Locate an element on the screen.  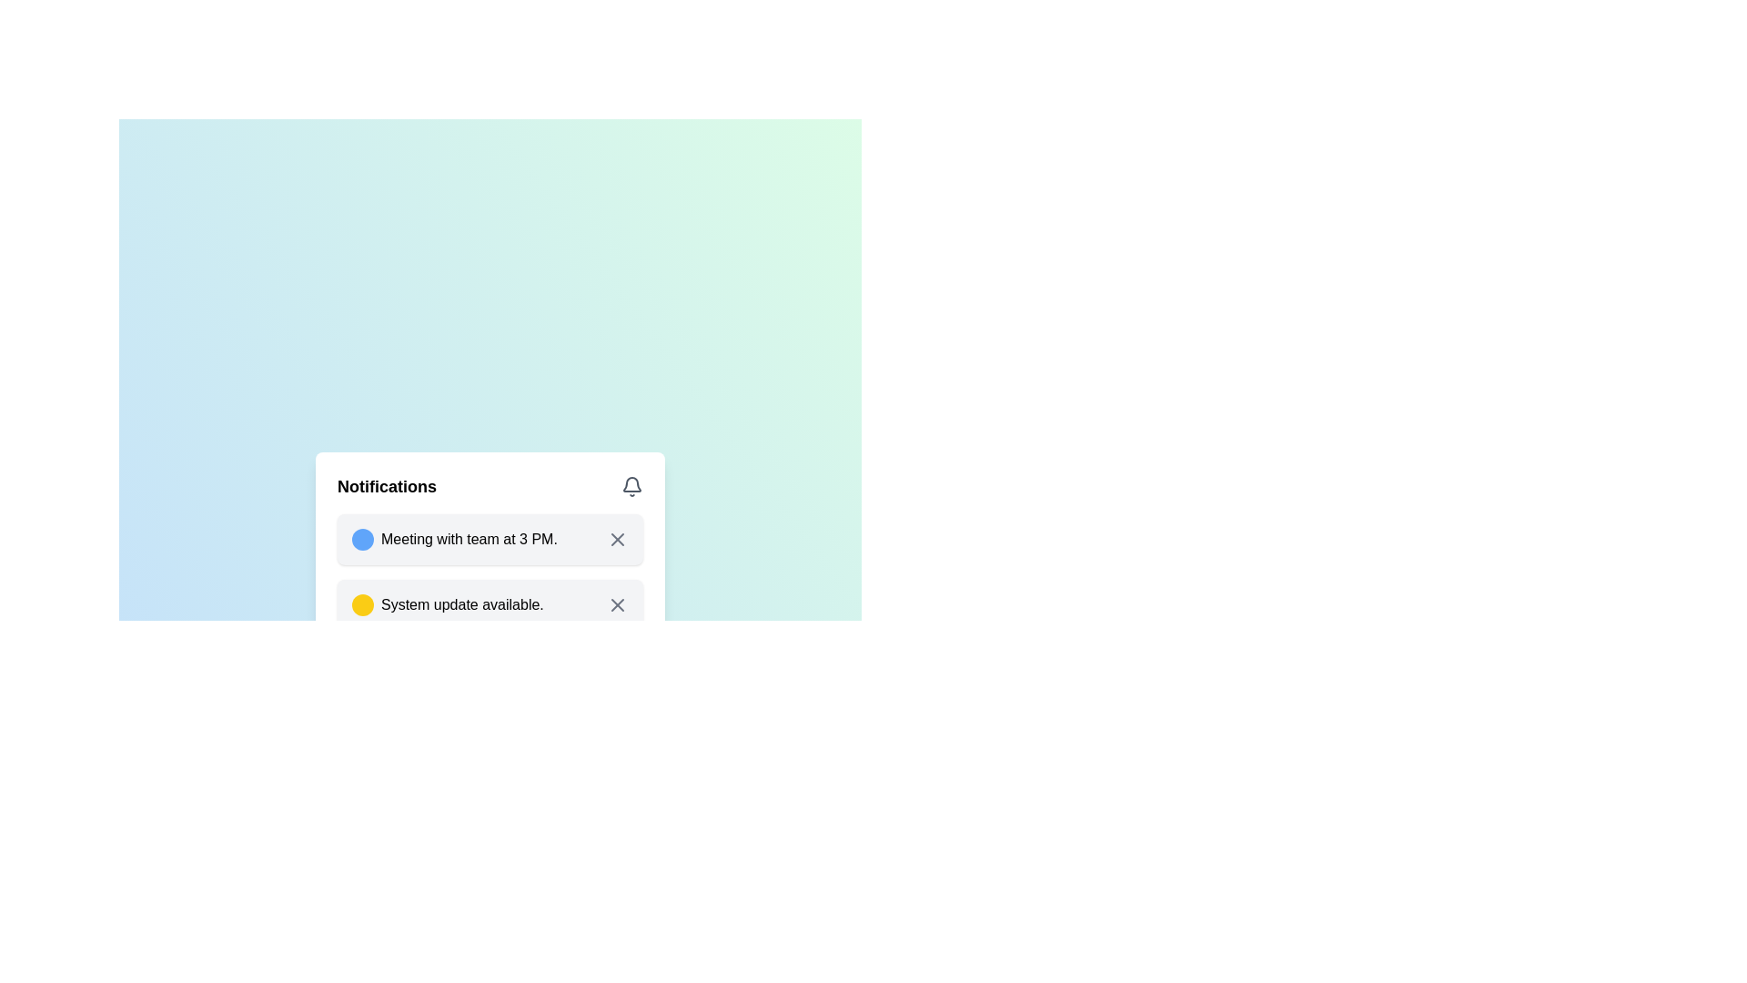
the notification group by interacting with the text label that indicates a system update is available, located under the title 'Notifications' in the notification popup is located at coordinates (462, 604).